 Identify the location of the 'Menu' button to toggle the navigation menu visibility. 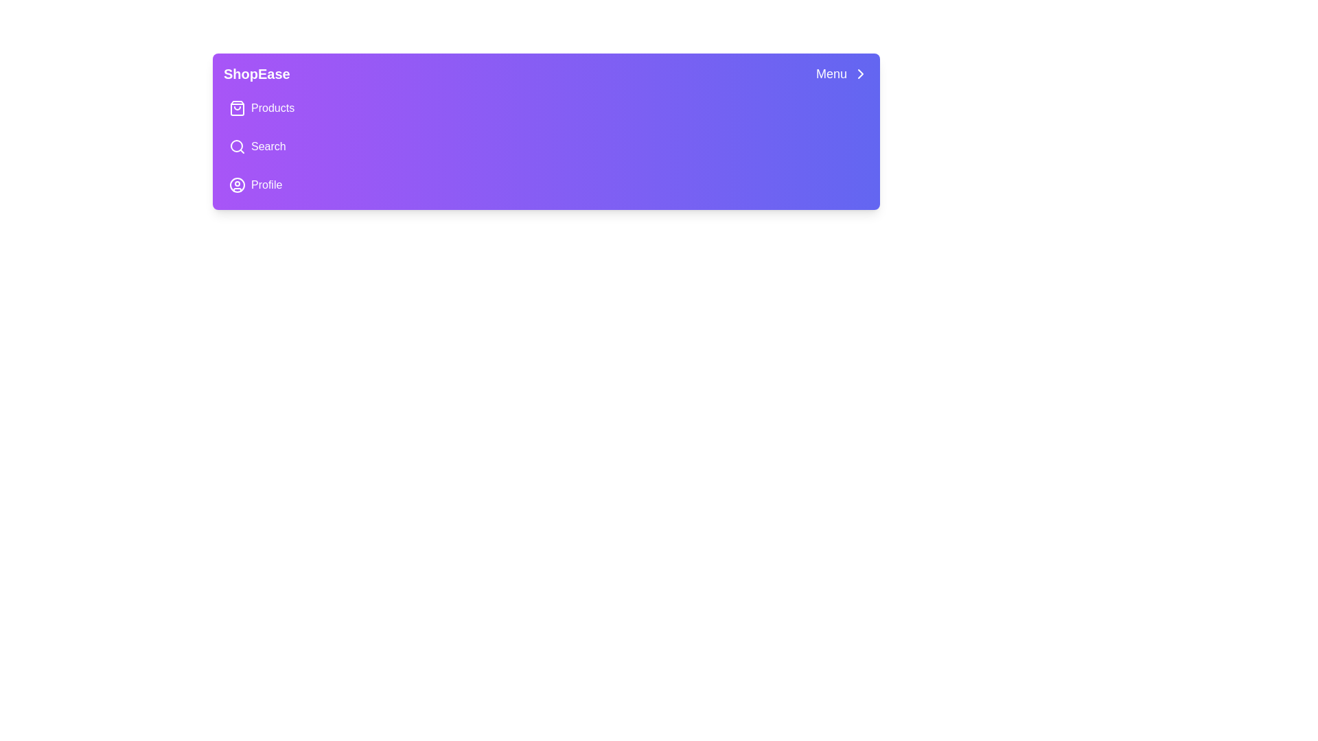
(842, 74).